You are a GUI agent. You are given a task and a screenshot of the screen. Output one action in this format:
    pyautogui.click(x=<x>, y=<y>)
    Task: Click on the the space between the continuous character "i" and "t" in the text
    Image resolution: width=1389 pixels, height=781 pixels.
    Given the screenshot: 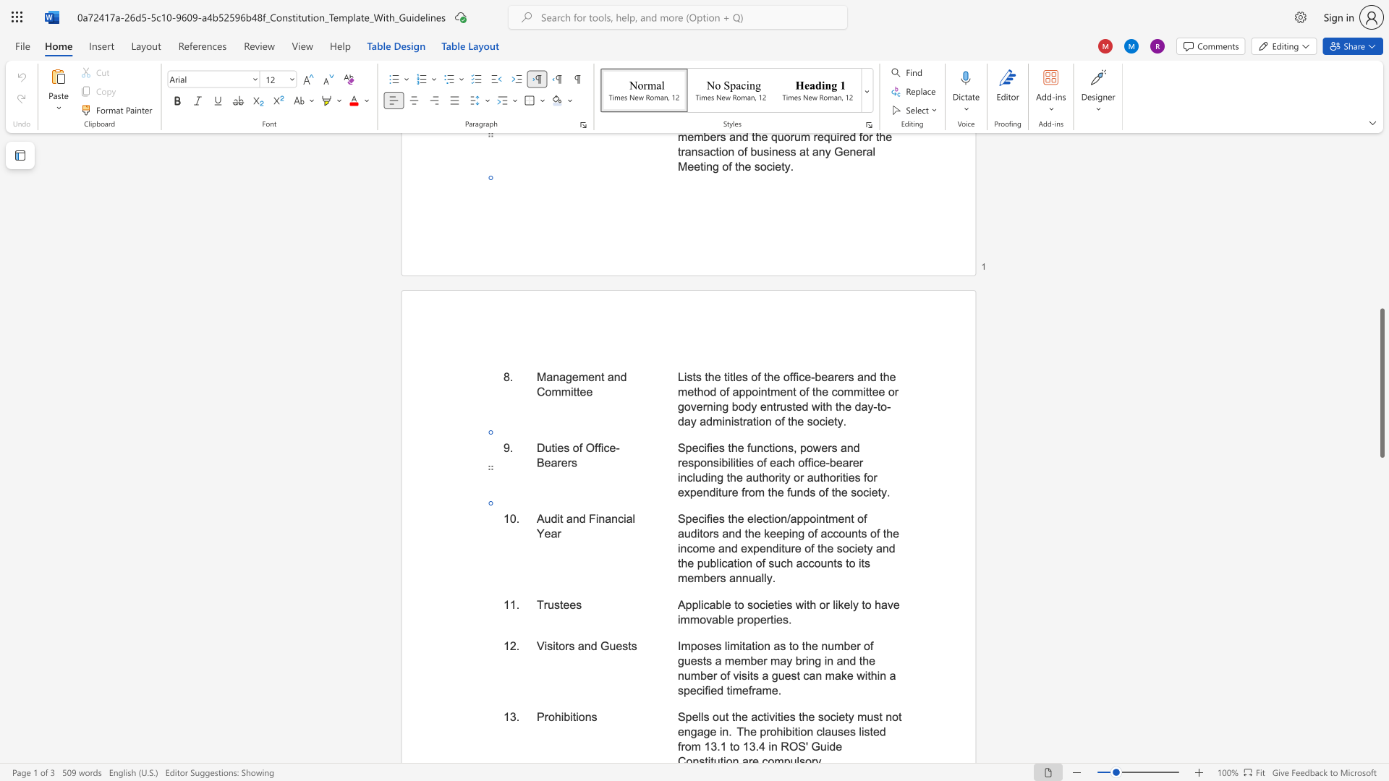 What is the action you would take?
    pyautogui.click(x=572, y=717)
    